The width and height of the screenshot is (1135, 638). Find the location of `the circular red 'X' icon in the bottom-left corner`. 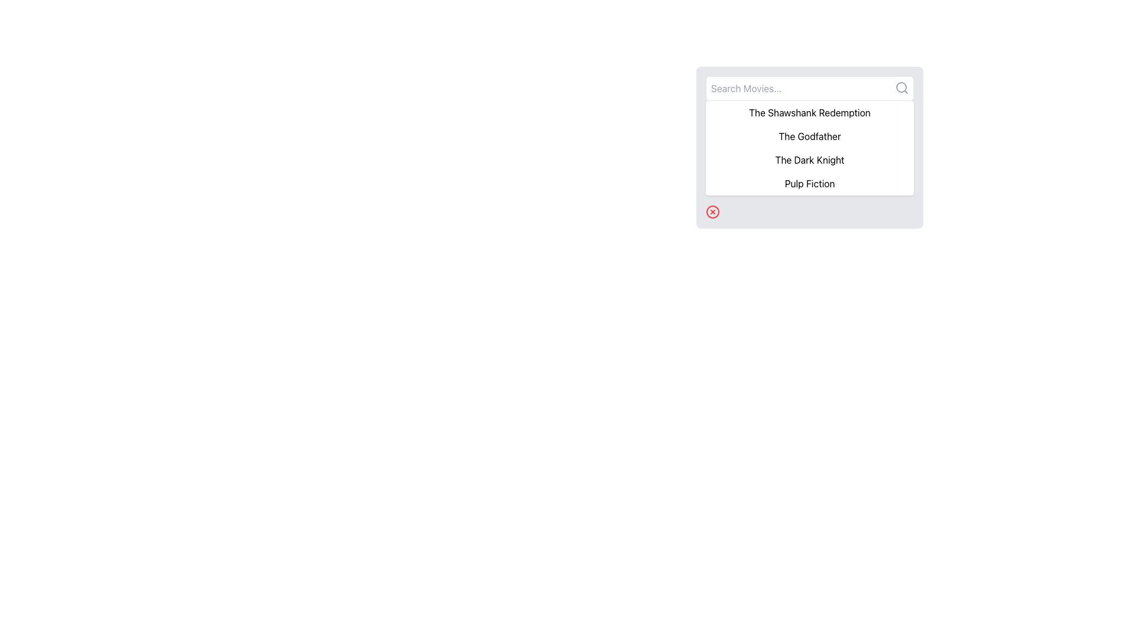

the circular red 'X' icon in the bottom-left corner is located at coordinates (712, 211).